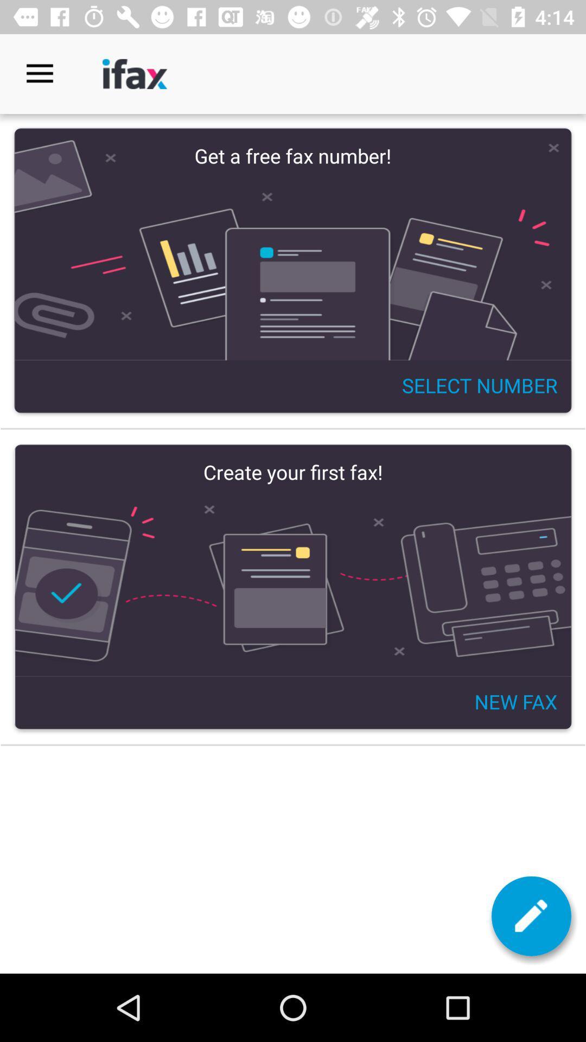  I want to click on write, so click(531, 916).